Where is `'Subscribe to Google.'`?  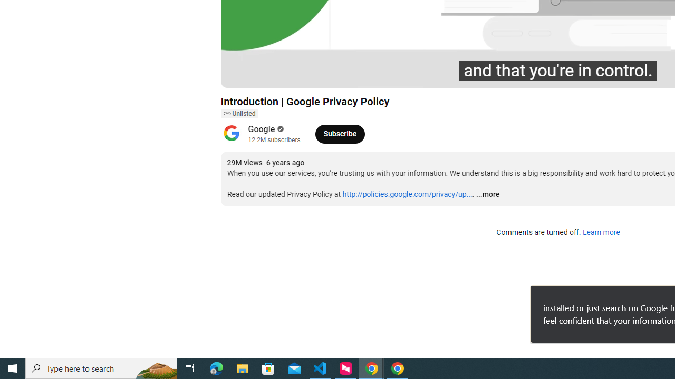 'Subscribe to Google.' is located at coordinates (340, 133).